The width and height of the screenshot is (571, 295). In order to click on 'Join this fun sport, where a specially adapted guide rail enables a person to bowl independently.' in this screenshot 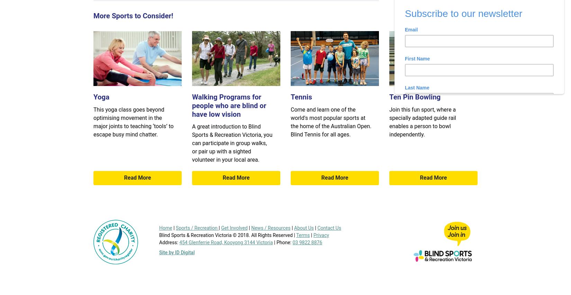, I will do `click(423, 122)`.